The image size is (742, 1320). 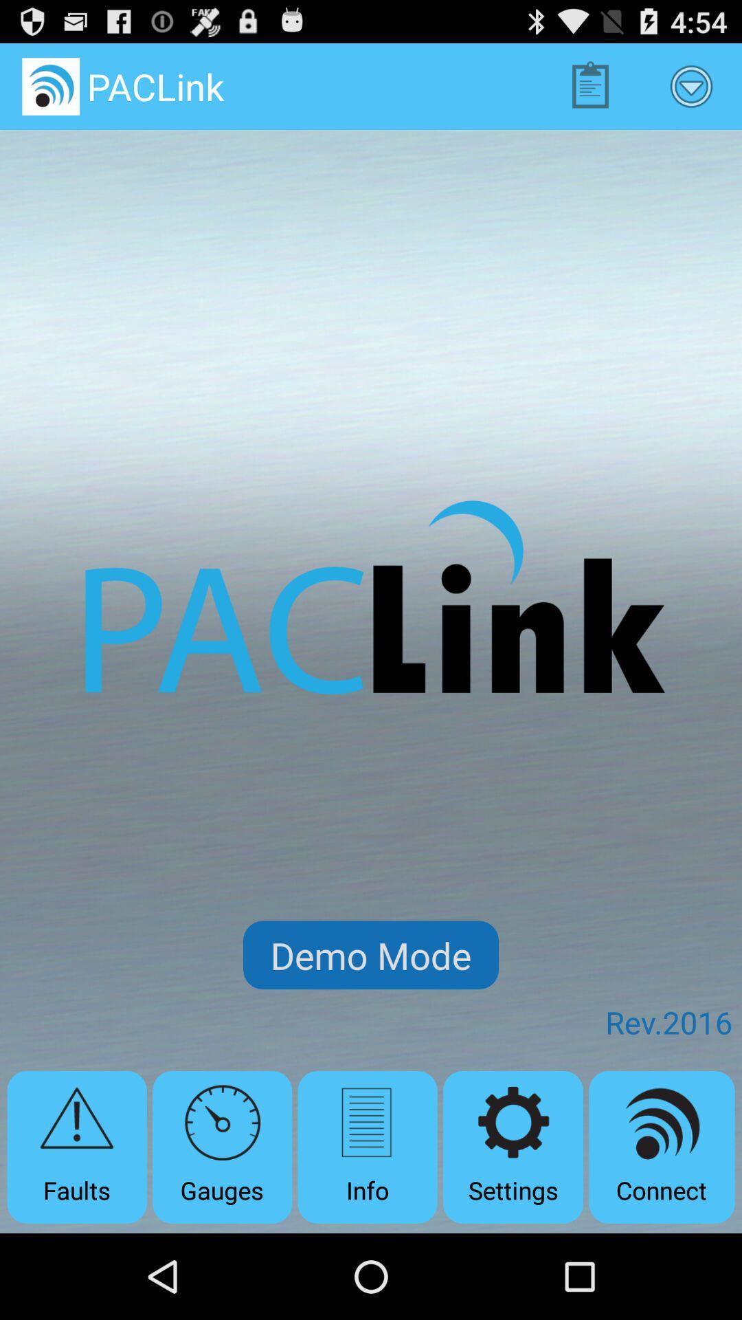 What do you see at coordinates (77, 1147) in the screenshot?
I see `faults button` at bounding box center [77, 1147].